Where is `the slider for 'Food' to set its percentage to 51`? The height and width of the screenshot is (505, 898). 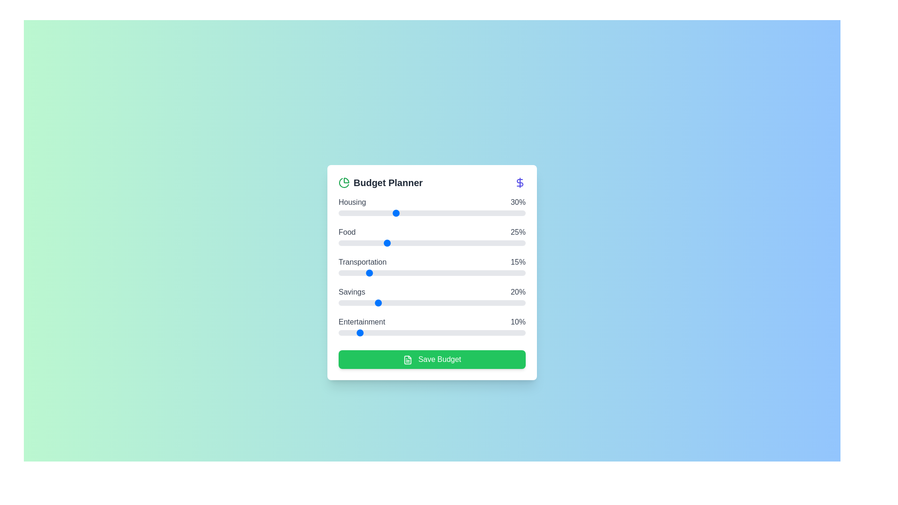 the slider for 'Food' to set its percentage to 51 is located at coordinates (433, 243).